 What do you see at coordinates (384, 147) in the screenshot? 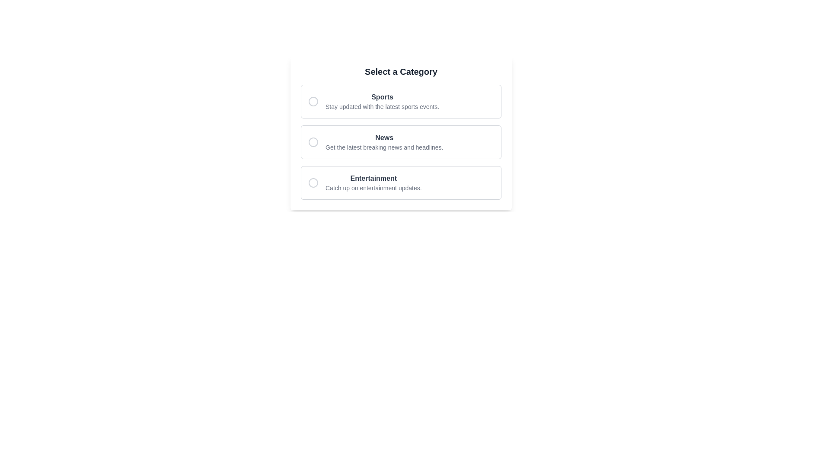
I see `the static text that reads 'Get the latest breaking news and headlines.', which is located beneath the 'News' heading in the middle of selectable categories` at bounding box center [384, 147].